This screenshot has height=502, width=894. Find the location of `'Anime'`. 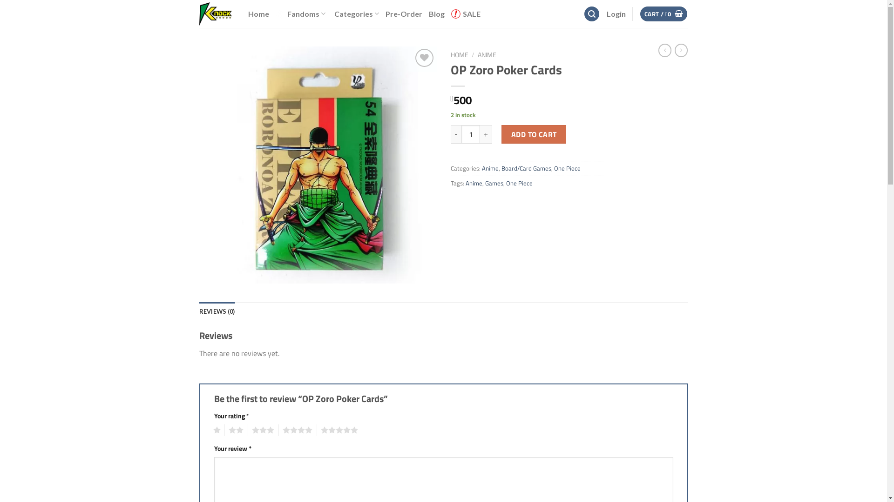

'Anime' is located at coordinates (465, 183).